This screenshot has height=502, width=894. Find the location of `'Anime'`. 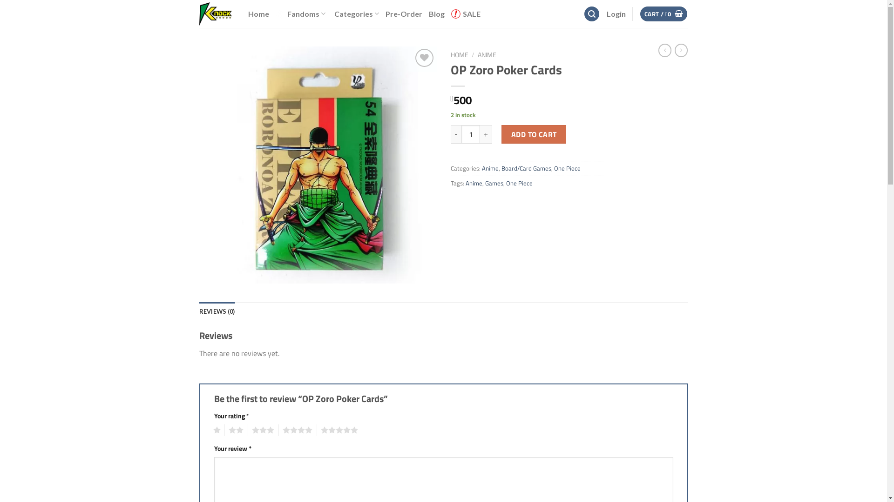

'Anime' is located at coordinates (465, 183).